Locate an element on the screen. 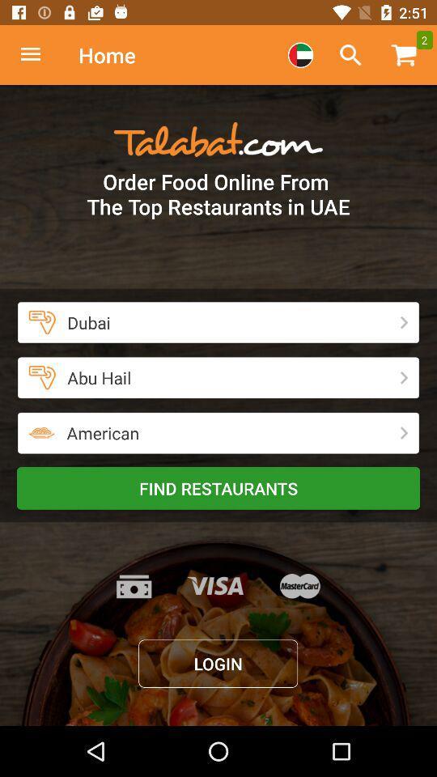 The width and height of the screenshot is (437, 777). search button is located at coordinates (350, 55).